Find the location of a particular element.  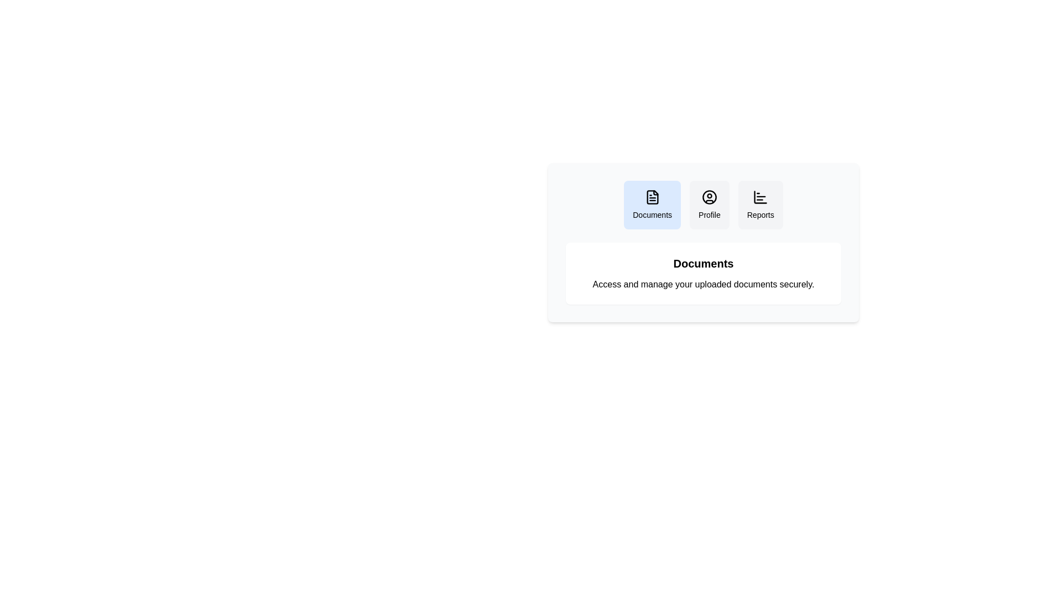

the Reports tab is located at coordinates (760, 205).